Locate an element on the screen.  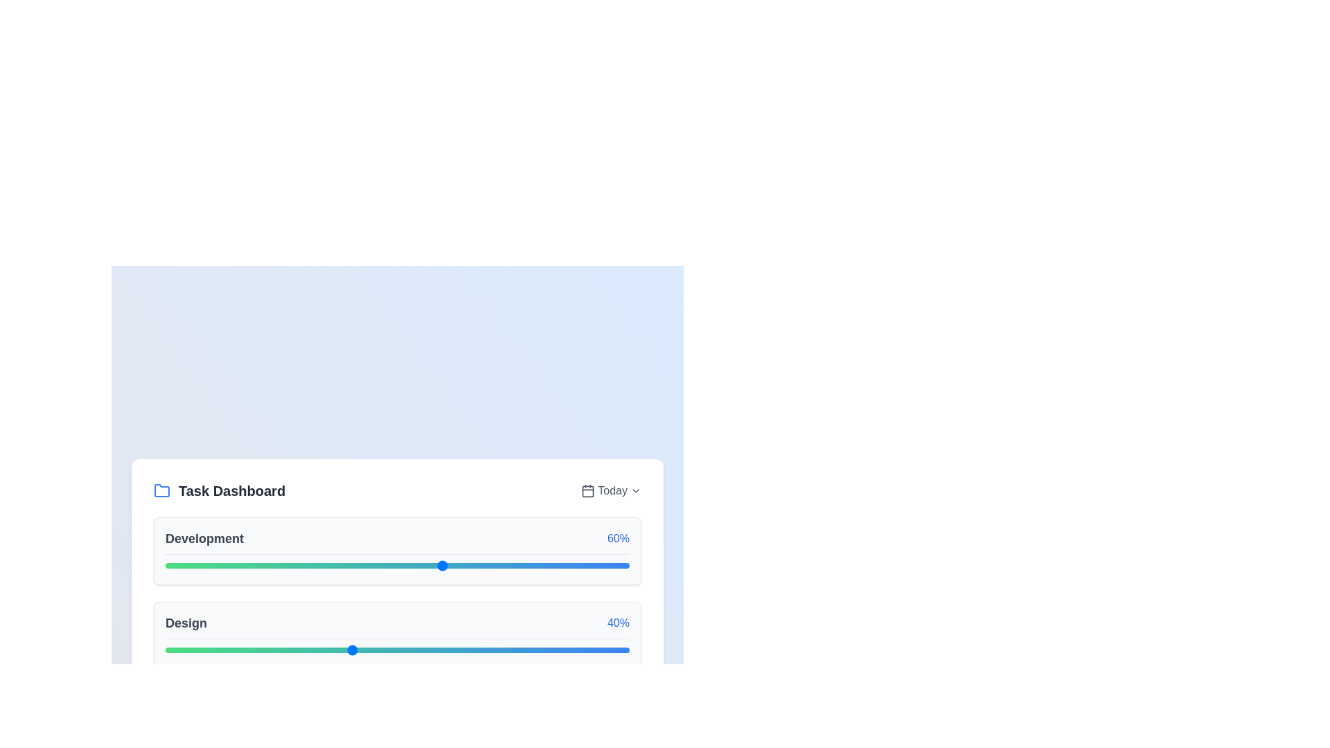
the folder icon located at the upper-left corner of the 'Task Dashboard' section, which represents organization or navigation within the application is located at coordinates (162, 490).